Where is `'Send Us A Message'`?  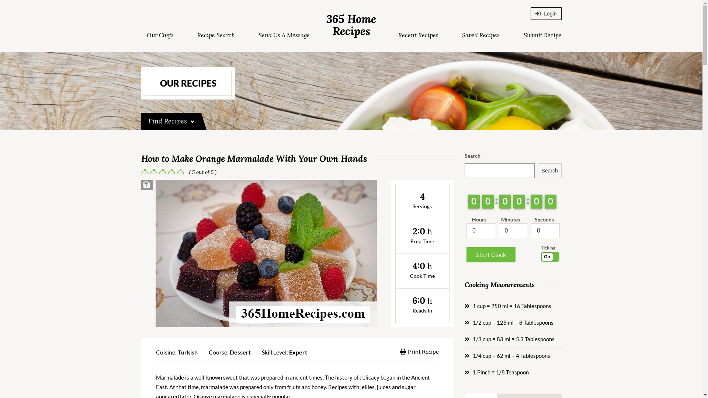
'Send Us A Message' is located at coordinates (284, 35).